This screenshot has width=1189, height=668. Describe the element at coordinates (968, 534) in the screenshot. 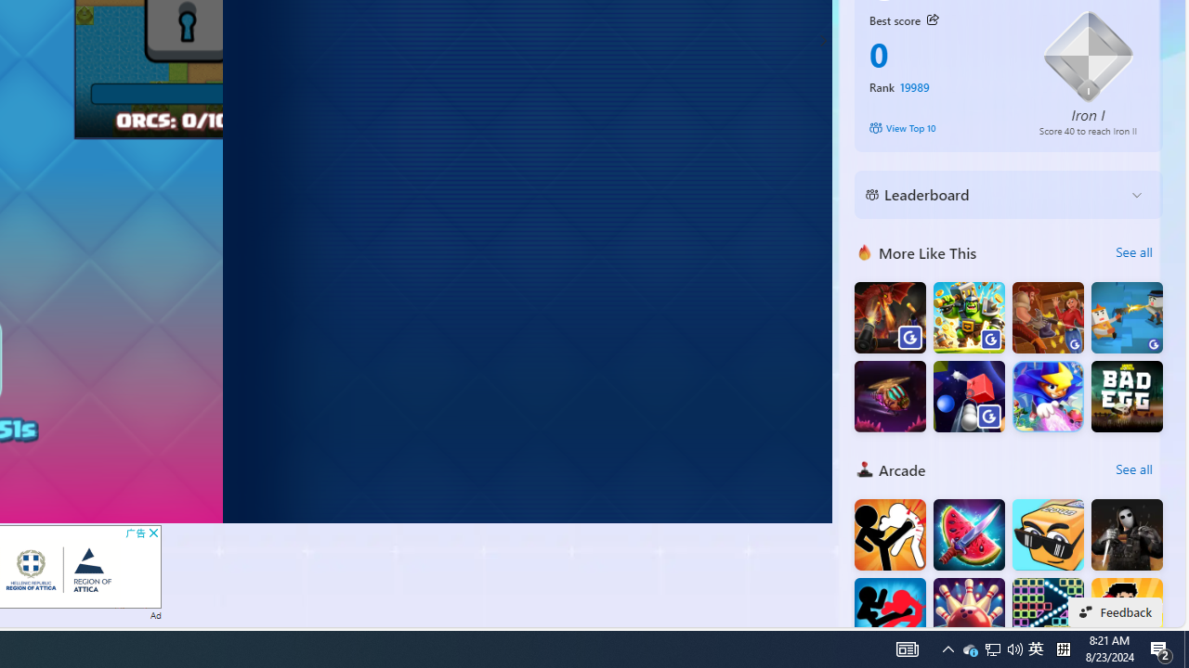

I see `'Fruit Chopper'` at that location.